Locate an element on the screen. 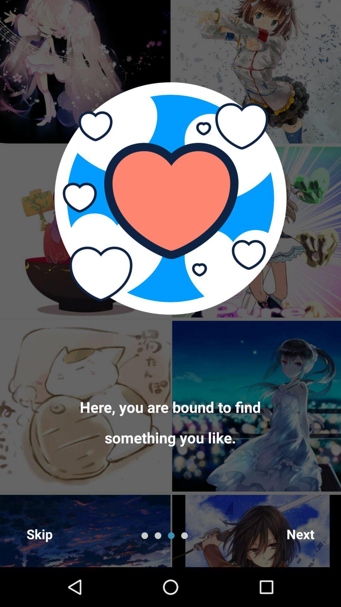 This screenshot has height=607, width=341. skip icon is located at coordinates (39, 534).